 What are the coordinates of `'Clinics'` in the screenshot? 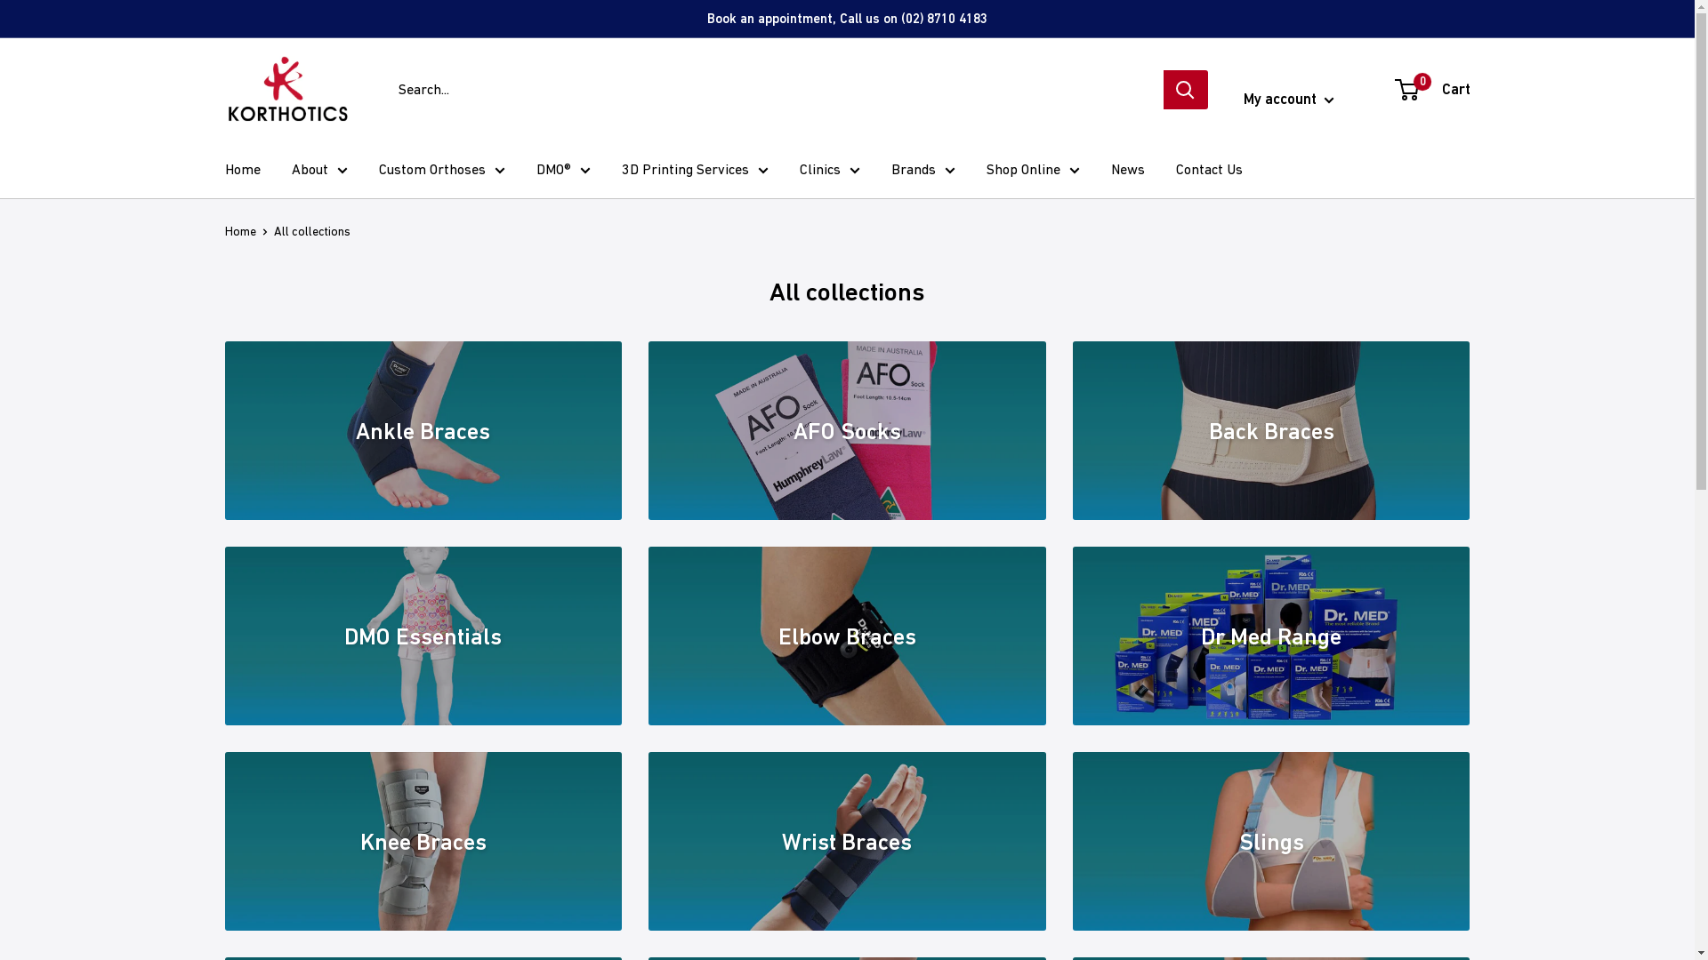 It's located at (827, 170).